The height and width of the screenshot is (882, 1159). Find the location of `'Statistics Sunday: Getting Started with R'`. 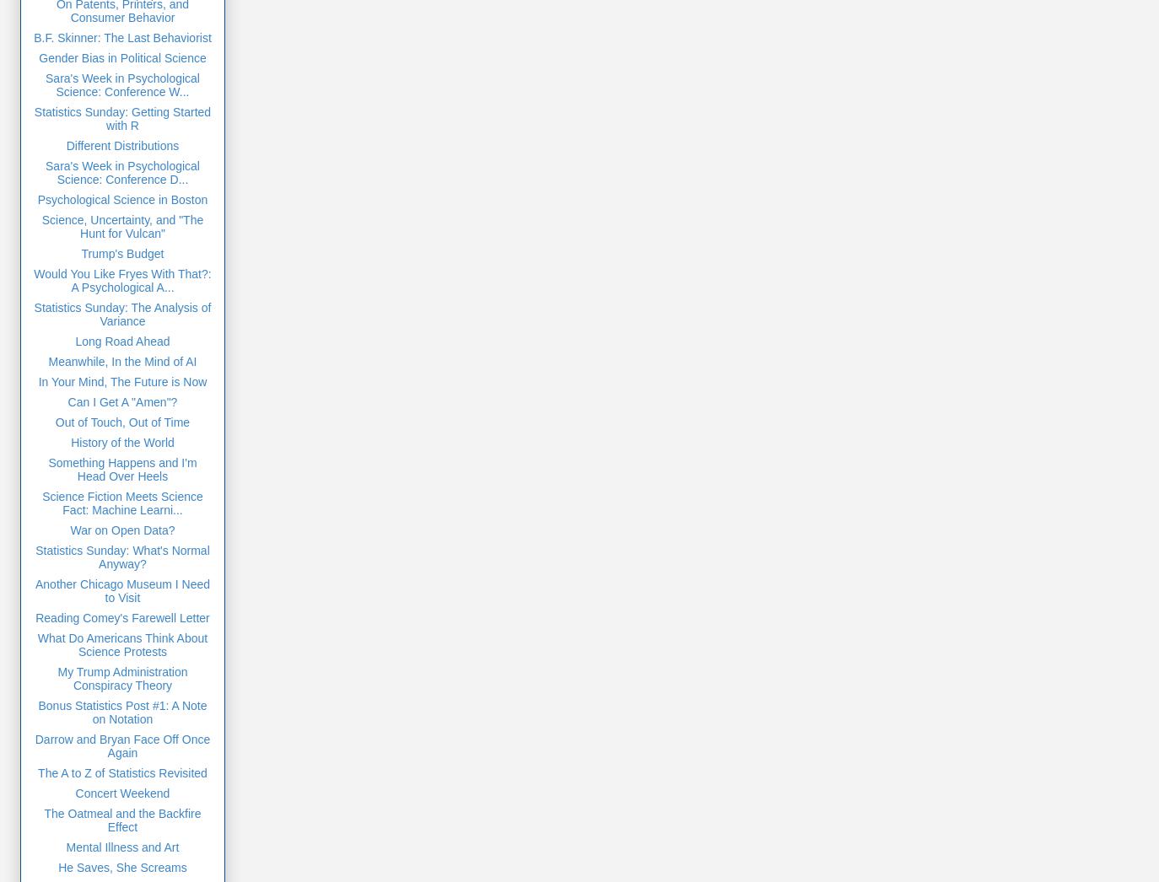

'Statistics Sunday: Getting Started with R' is located at coordinates (121, 116).